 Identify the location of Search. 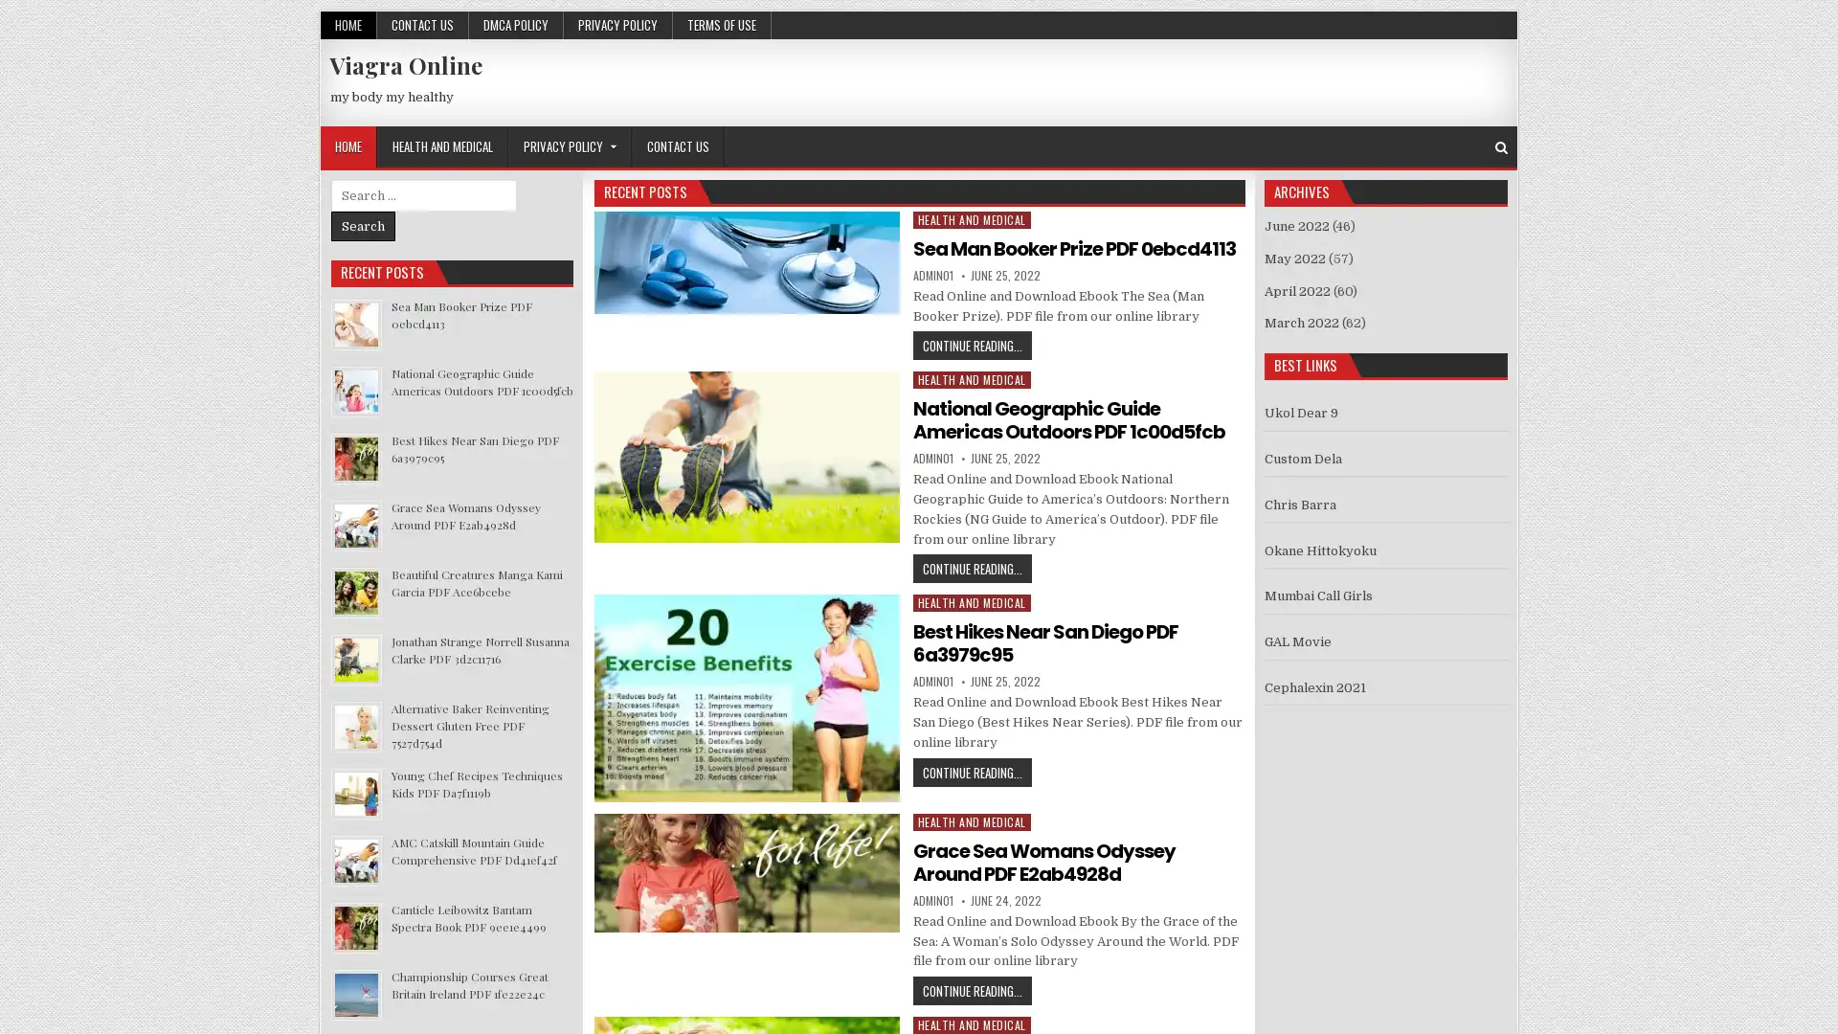
(362, 225).